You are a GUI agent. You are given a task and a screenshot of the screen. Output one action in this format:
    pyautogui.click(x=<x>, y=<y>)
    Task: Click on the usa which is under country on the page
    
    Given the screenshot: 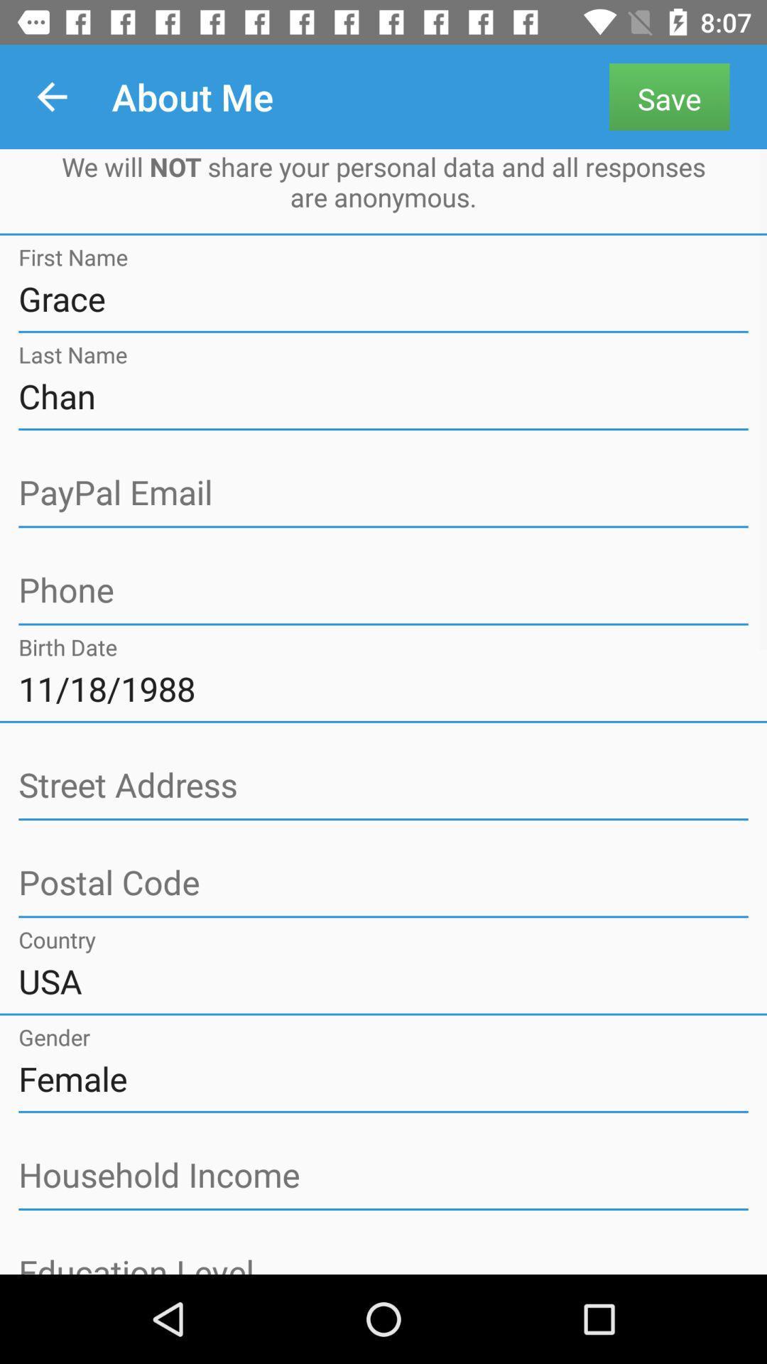 What is the action you would take?
    pyautogui.click(x=383, y=980)
    